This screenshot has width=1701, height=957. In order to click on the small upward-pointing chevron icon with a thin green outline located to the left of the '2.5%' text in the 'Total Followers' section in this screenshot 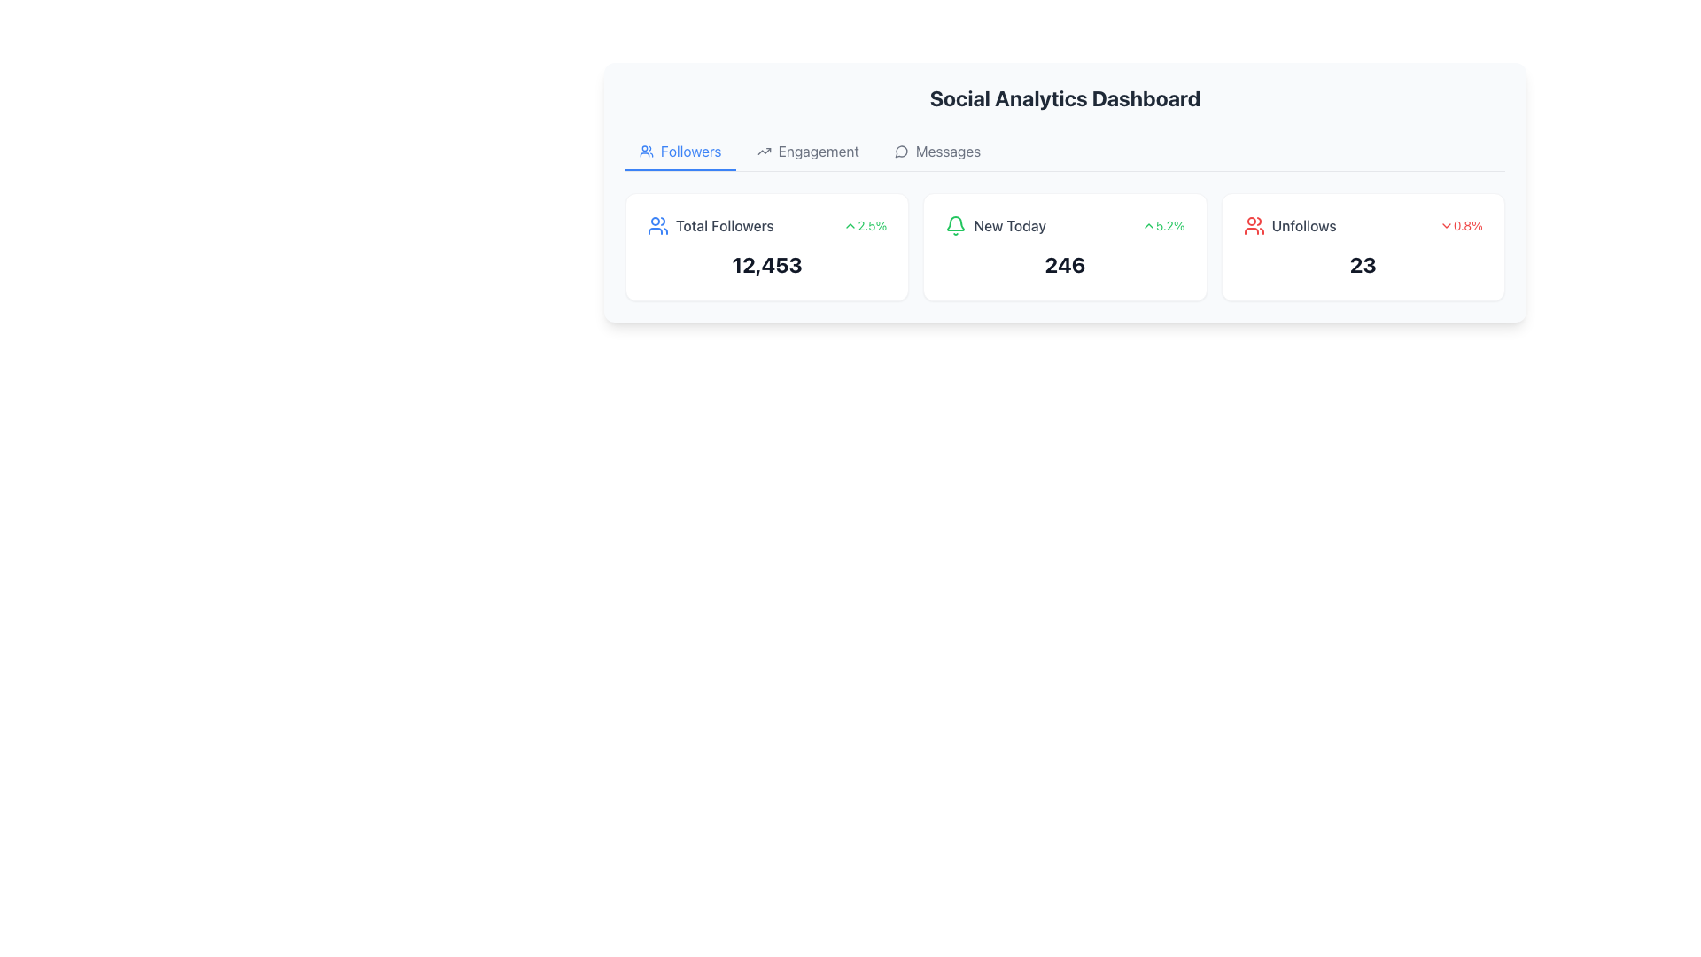, I will do `click(850, 224)`.